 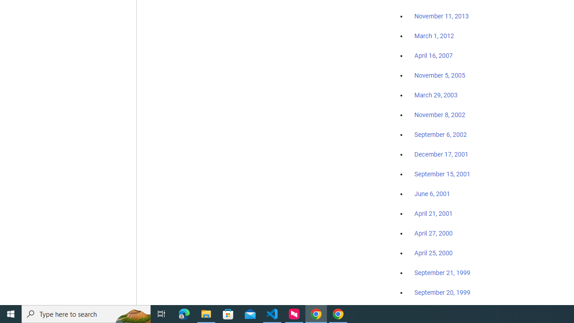 What do you see at coordinates (440, 75) in the screenshot?
I see `'November 5, 2005'` at bounding box center [440, 75].